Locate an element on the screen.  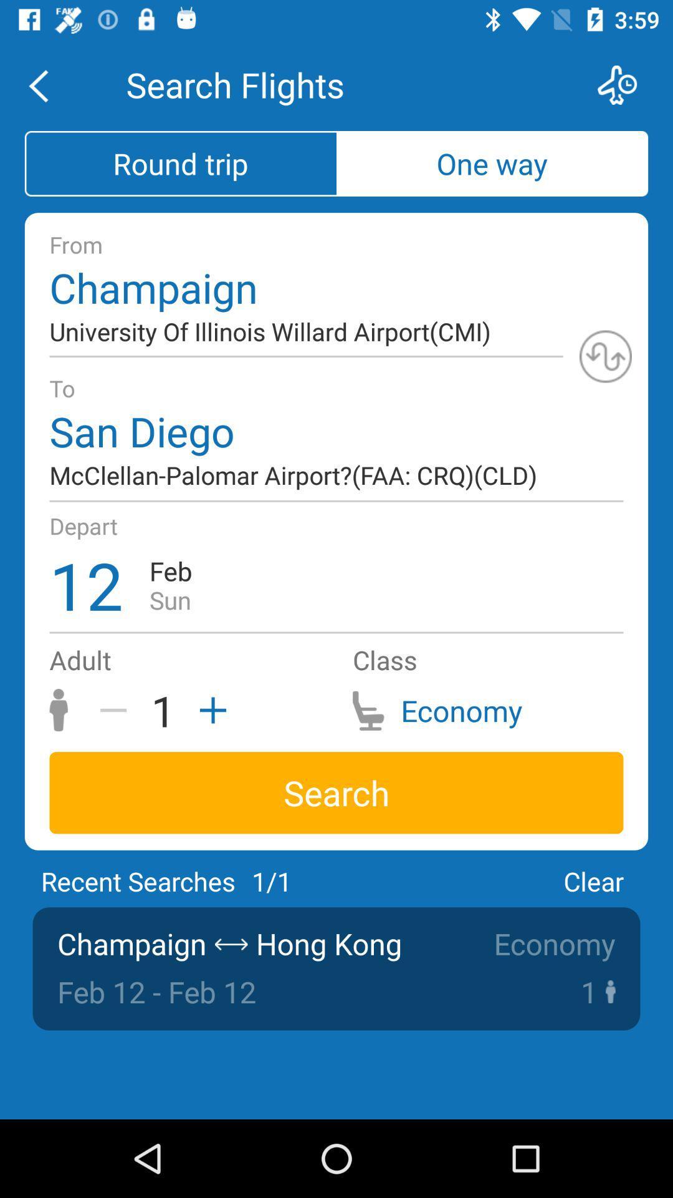
the minus icon is located at coordinates (118, 710).